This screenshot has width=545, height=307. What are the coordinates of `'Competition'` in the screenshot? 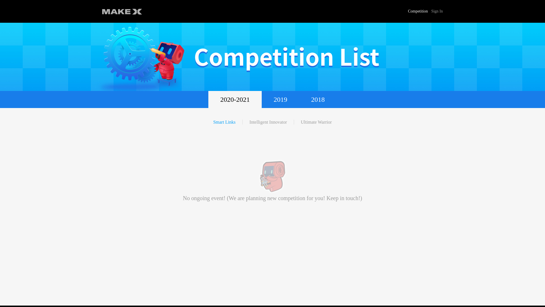 It's located at (418, 11).